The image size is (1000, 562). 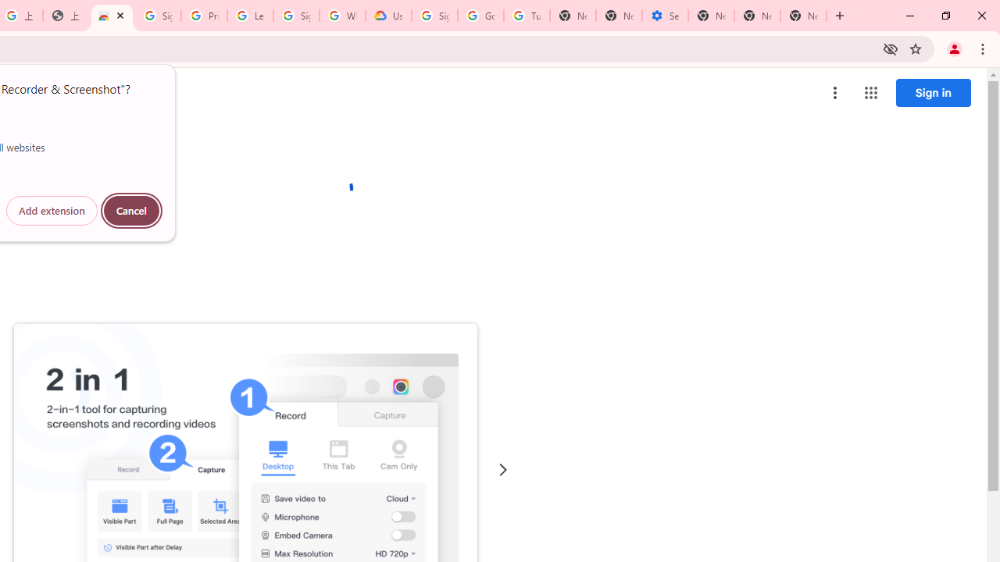 What do you see at coordinates (480, 16) in the screenshot?
I see `'Google Account Help'` at bounding box center [480, 16].